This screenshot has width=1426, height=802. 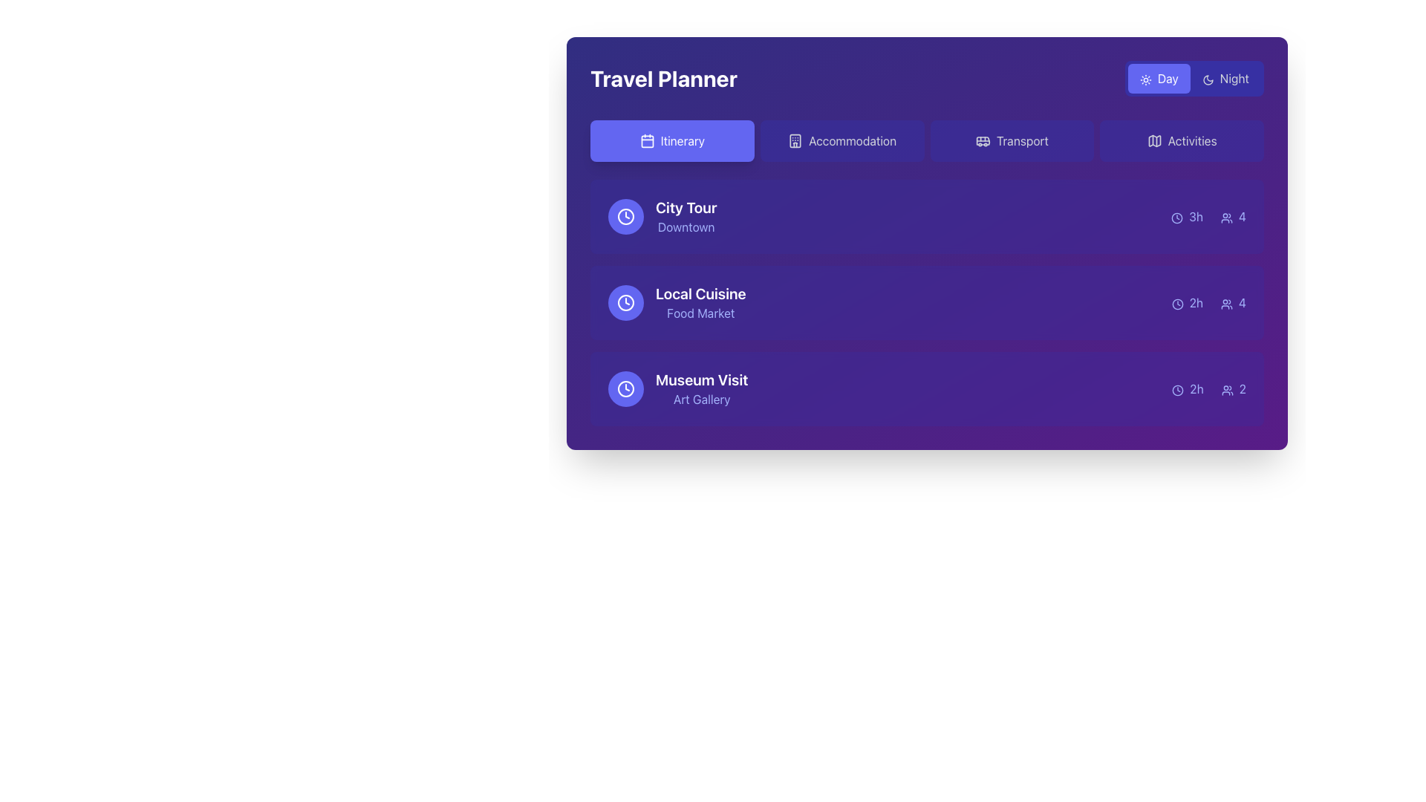 I want to click on the 'Activities' icon located on the far right of the horizontal navigation bar, so click(x=1153, y=140).